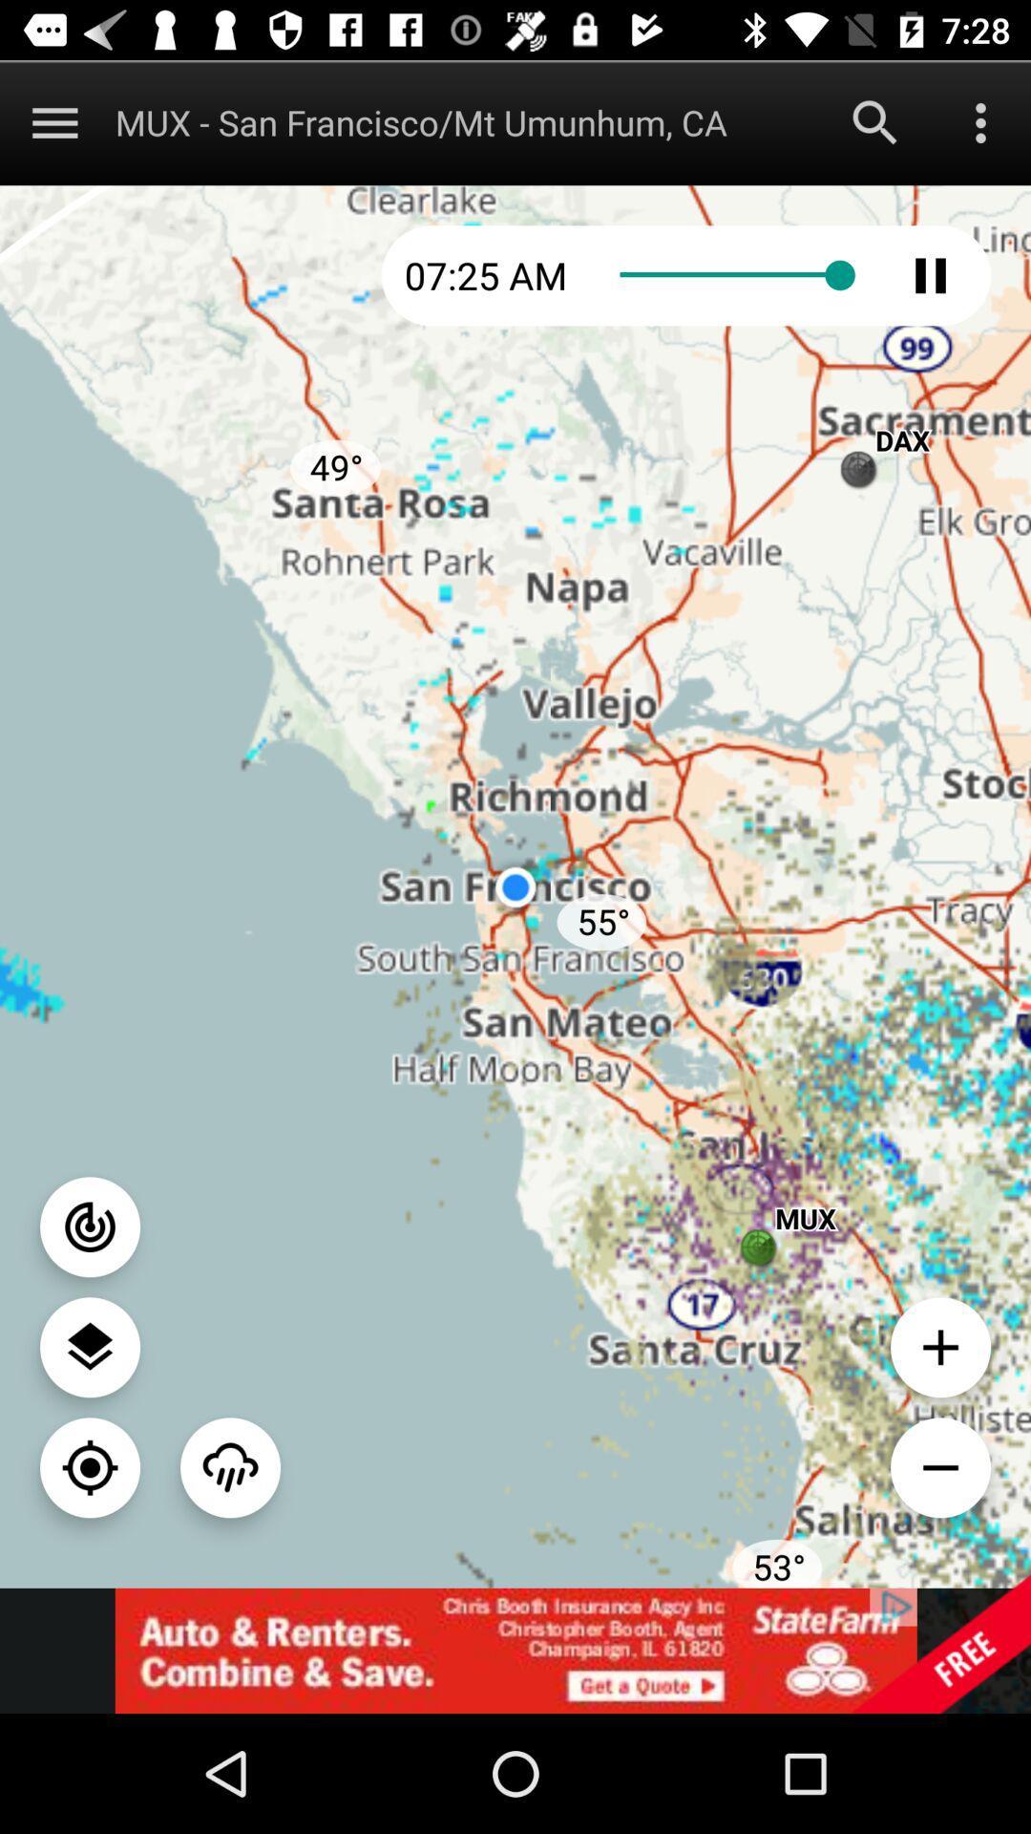  Describe the element at coordinates (90, 1346) in the screenshot. I see `the layers icon` at that location.